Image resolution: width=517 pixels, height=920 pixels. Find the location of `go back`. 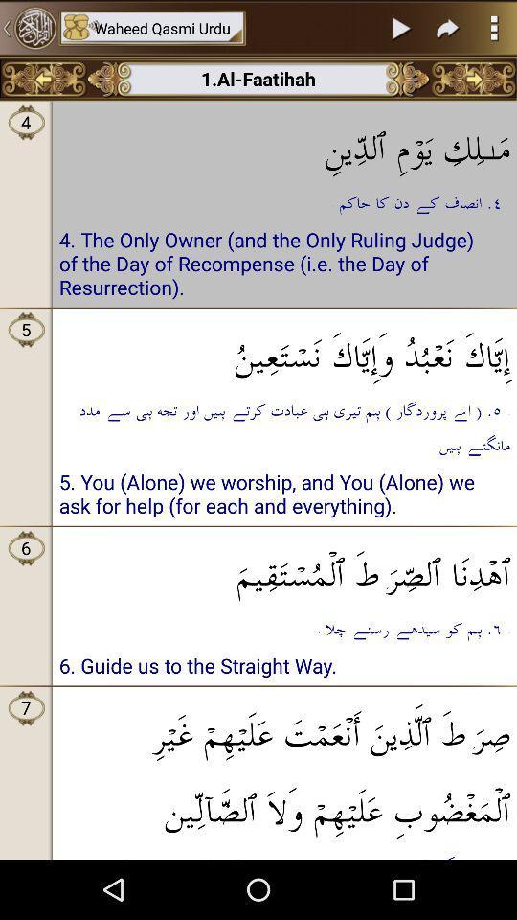

go back is located at coordinates (43, 79).